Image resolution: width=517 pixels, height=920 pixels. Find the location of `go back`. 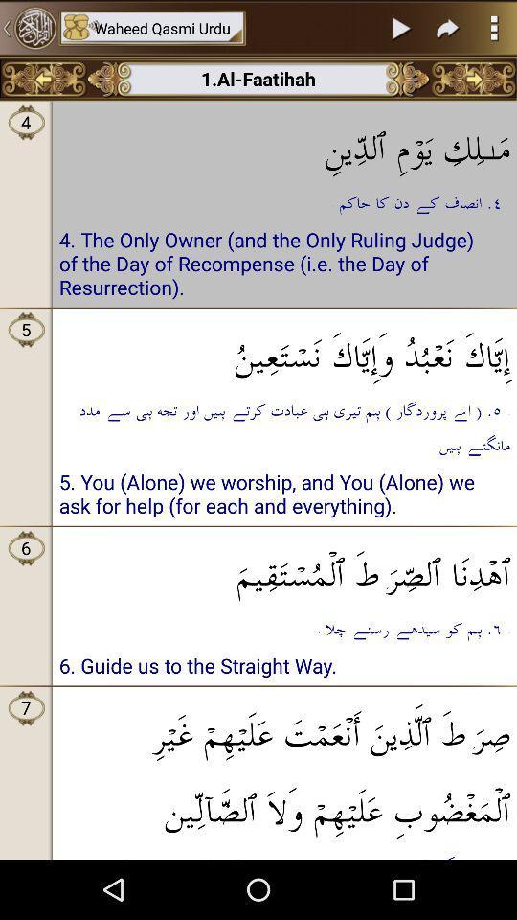

go back is located at coordinates (43, 79).